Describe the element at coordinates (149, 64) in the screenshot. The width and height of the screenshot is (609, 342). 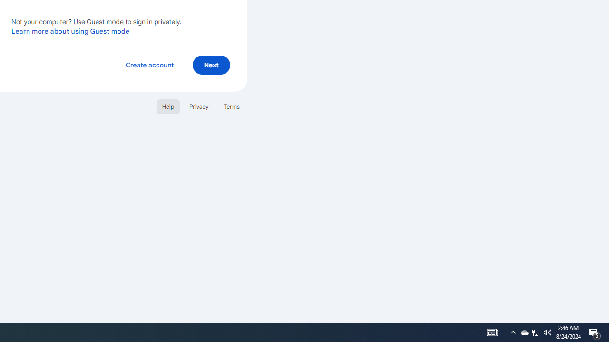
I see `'Create account'` at that location.